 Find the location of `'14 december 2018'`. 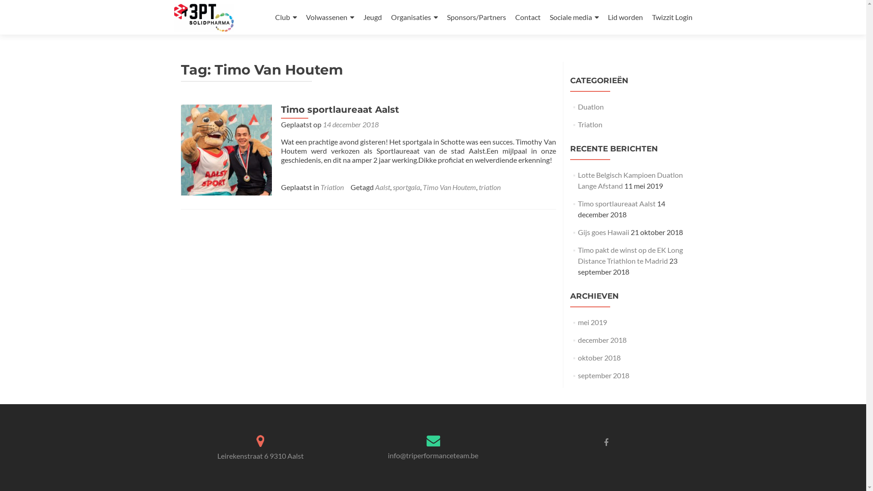

'14 december 2018' is located at coordinates (350, 124).